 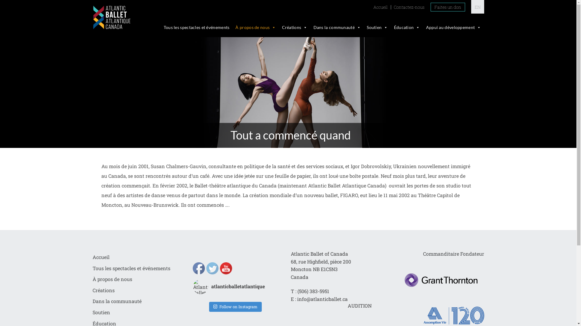 What do you see at coordinates (409, 7) in the screenshot?
I see `'Contactez-nous'` at bounding box center [409, 7].